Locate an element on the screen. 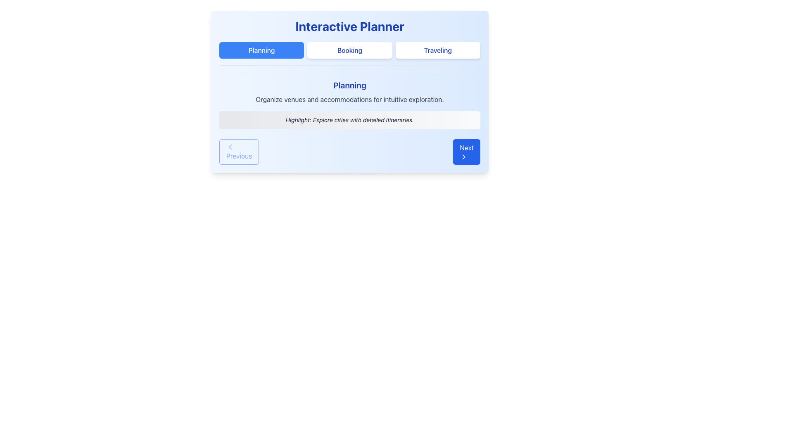 This screenshot has width=793, height=446. the 'Booking' tab in the Tab Navigation Bar is located at coordinates (349, 50).